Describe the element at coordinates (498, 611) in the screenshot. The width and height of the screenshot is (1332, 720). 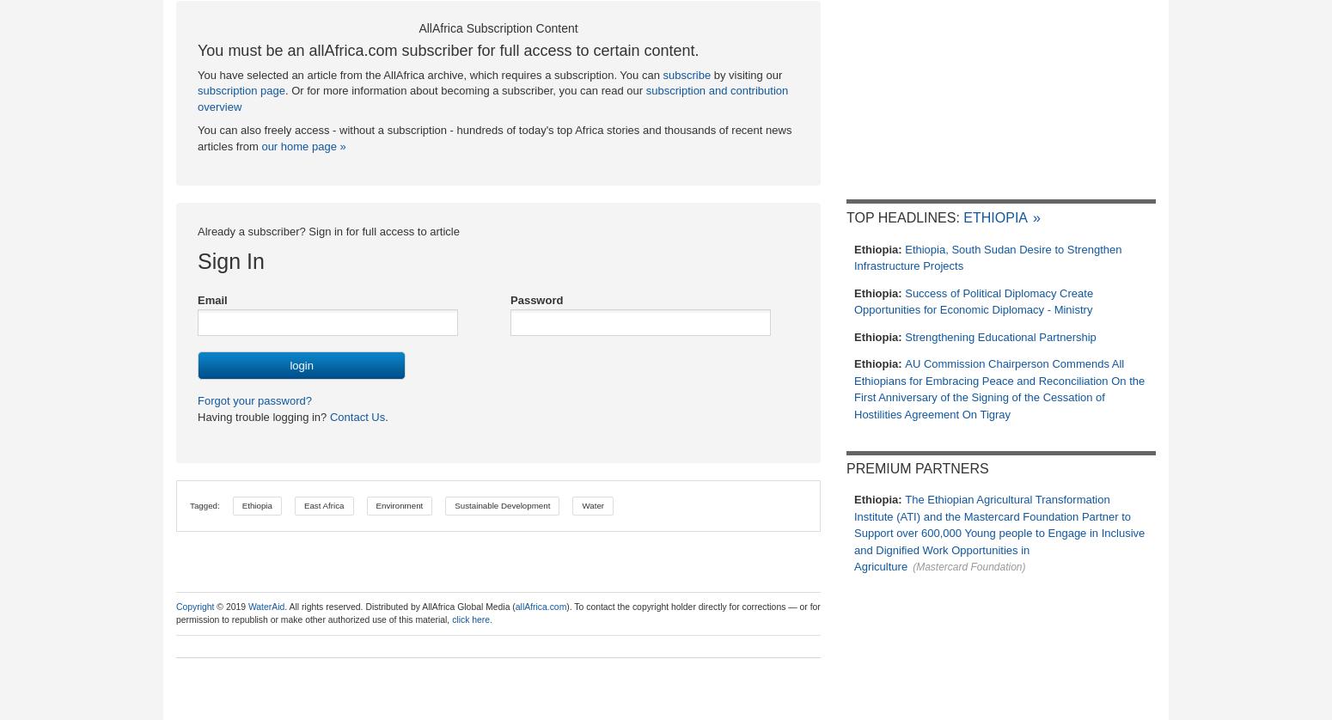
I see `').
  To contact the copyright holder directly for corrections — or for permission to republish or make other authorized use of this material,'` at that location.